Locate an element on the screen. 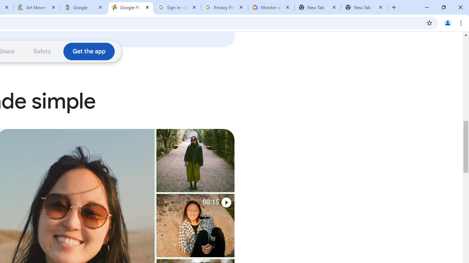  'Google' is located at coordinates (84, 7).